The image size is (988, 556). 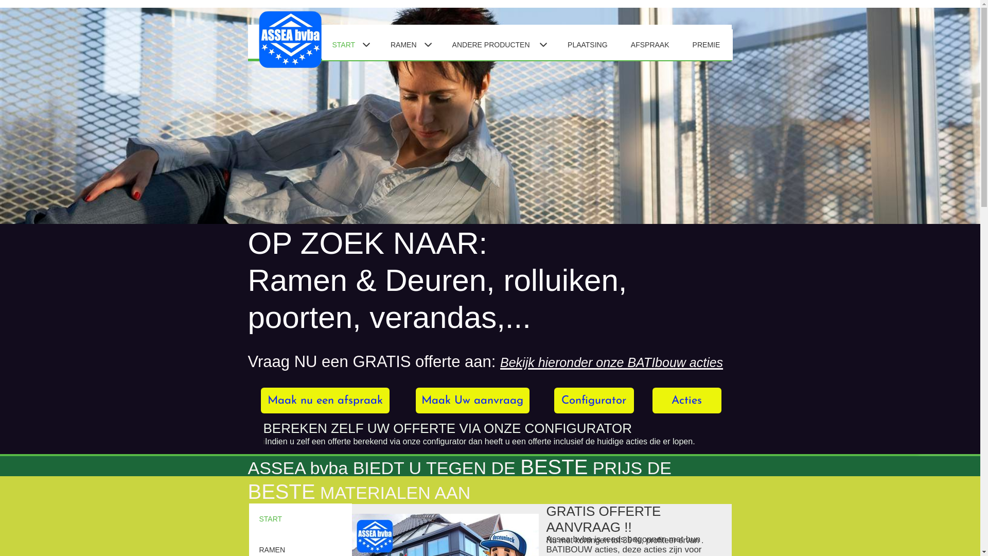 What do you see at coordinates (324, 400) in the screenshot?
I see `'Maak nu een afspraak'` at bounding box center [324, 400].